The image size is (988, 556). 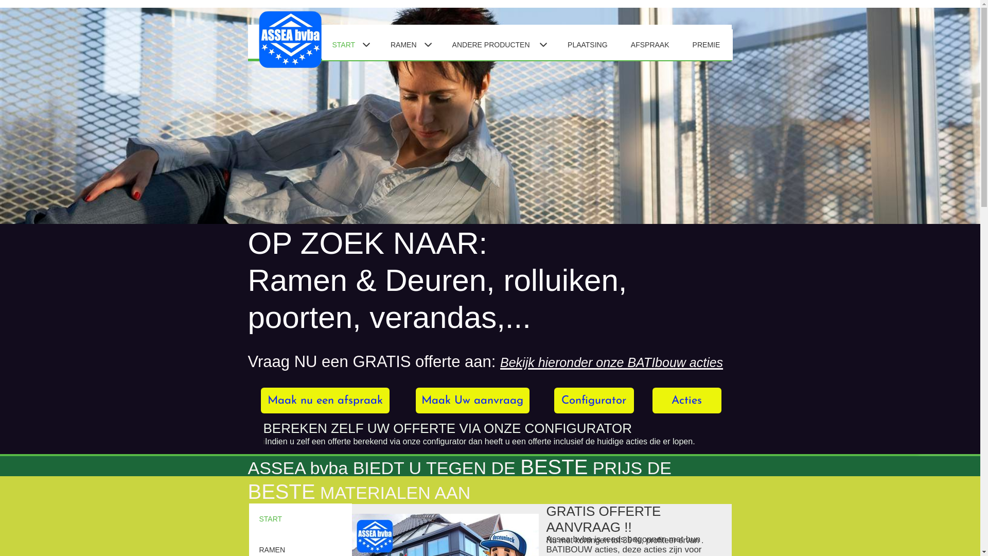 What do you see at coordinates (324, 400) in the screenshot?
I see `'Maak nu een afspraak'` at bounding box center [324, 400].